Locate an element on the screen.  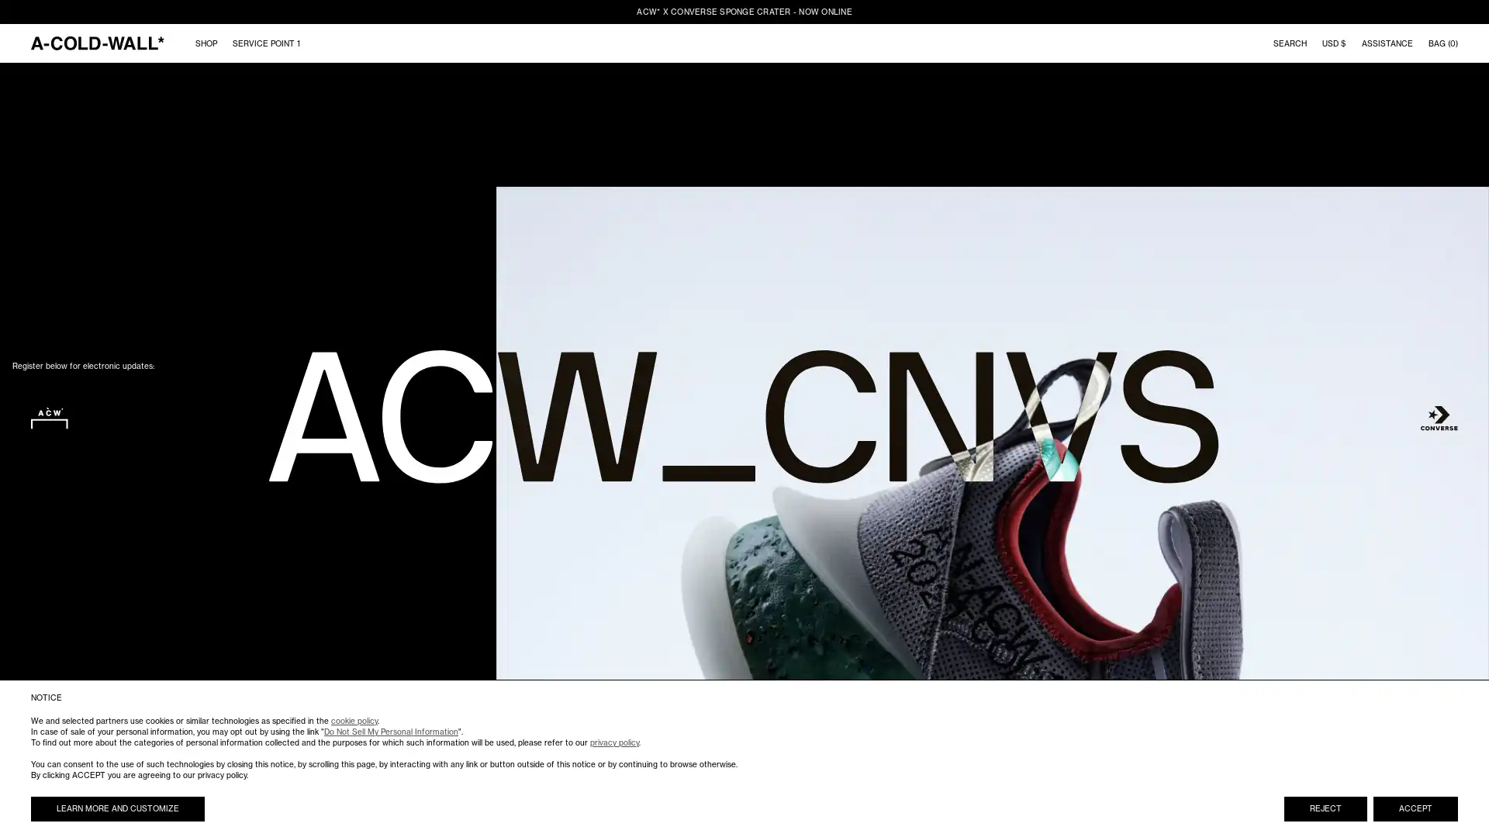
LEARN MORE AND CUSTOMIZE is located at coordinates (117, 808).